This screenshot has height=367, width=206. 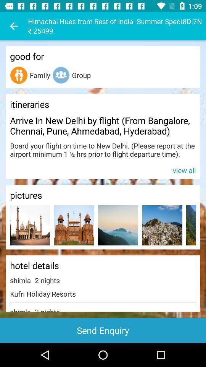 What do you see at coordinates (14, 26) in the screenshot?
I see `icon to the left of the himachal hues from` at bounding box center [14, 26].